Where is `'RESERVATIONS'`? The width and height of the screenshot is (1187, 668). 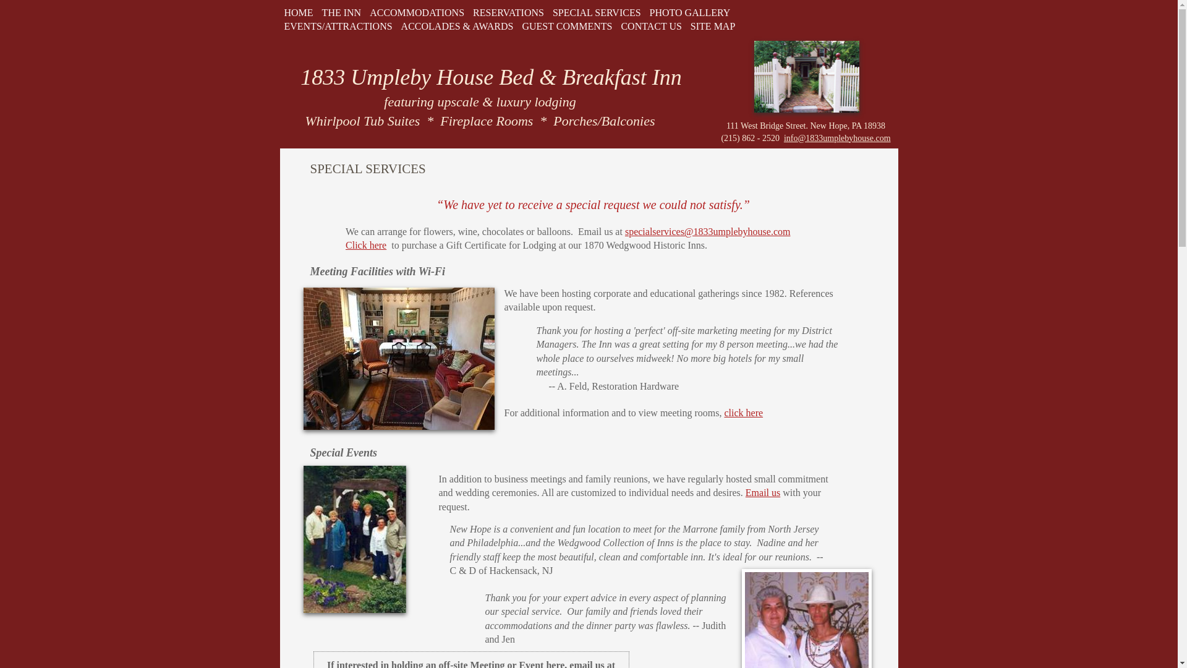
'RESERVATIONS' is located at coordinates (508, 12).